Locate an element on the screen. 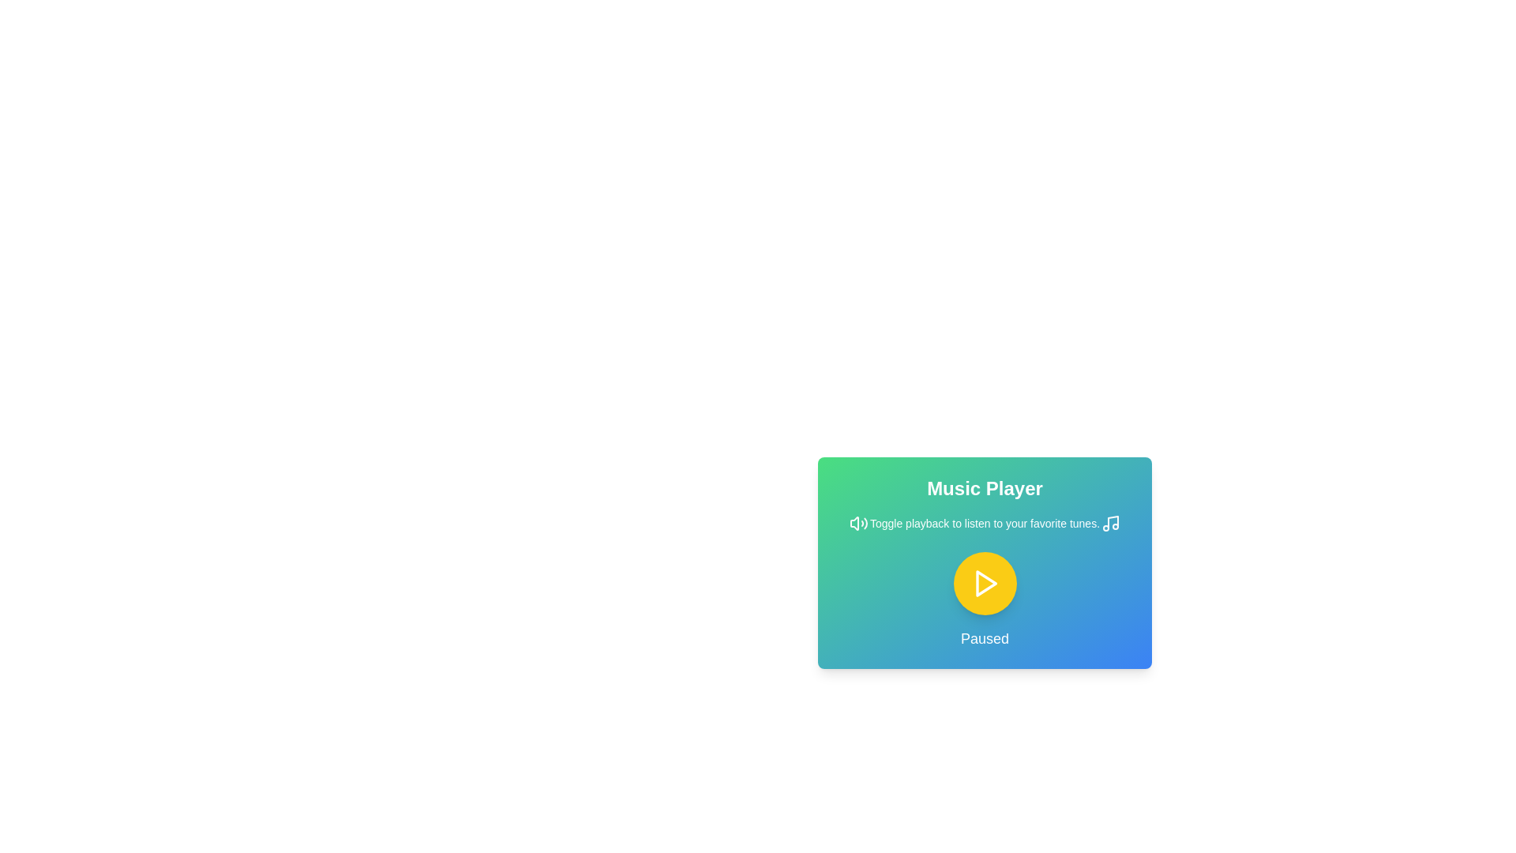 The height and width of the screenshot is (853, 1516). the music icon located to the right of the text 'Toggle playback to listen to your favorite tunes' in the 'Music Player' section of the card is located at coordinates (1109, 524).